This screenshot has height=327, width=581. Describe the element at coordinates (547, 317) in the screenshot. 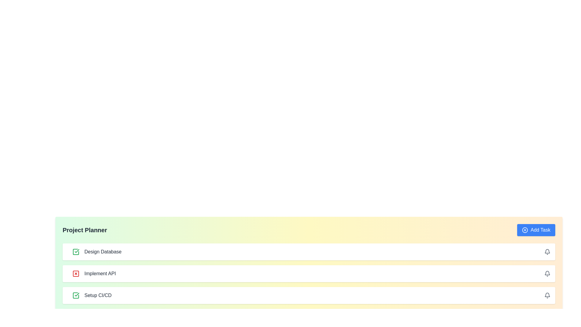

I see `bell icon for the task Code Review to set or manage notifications` at that location.